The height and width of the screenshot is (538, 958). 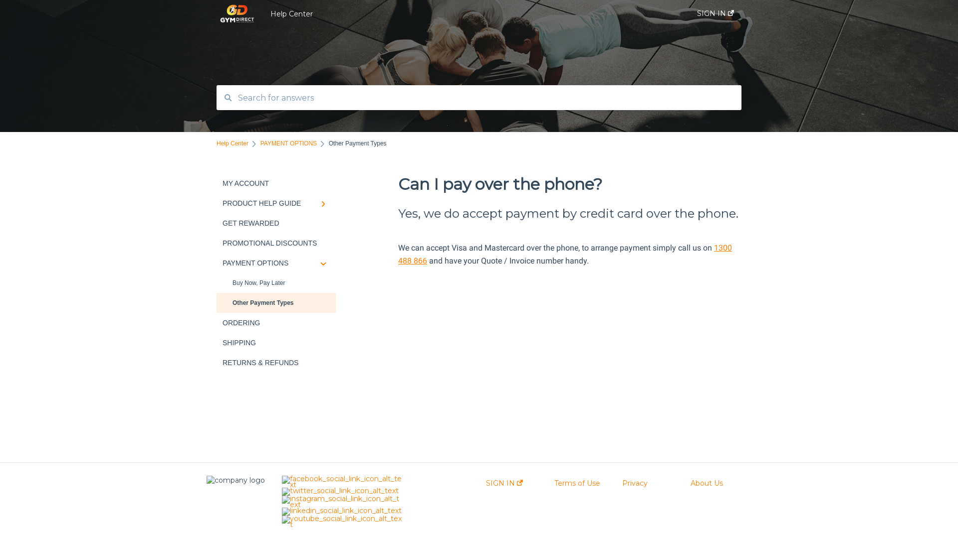 What do you see at coordinates (276, 323) in the screenshot?
I see `'ORDERING'` at bounding box center [276, 323].